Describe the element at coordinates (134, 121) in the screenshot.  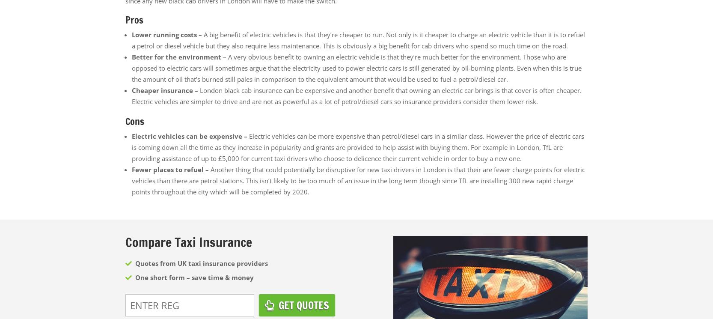
I see `'Cons'` at that location.